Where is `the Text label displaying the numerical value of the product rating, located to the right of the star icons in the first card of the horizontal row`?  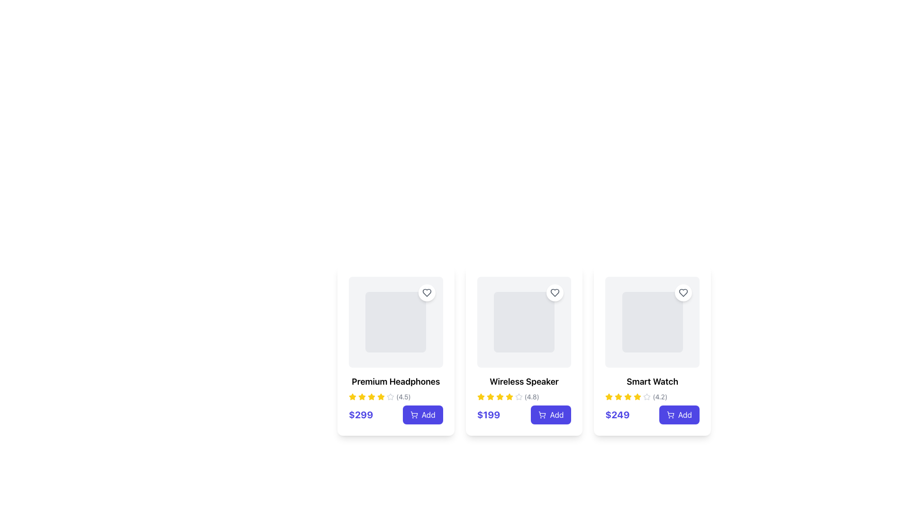 the Text label displaying the numerical value of the product rating, located to the right of the star icons in the first card of the horizontal row is located at coordinates (403, 397).